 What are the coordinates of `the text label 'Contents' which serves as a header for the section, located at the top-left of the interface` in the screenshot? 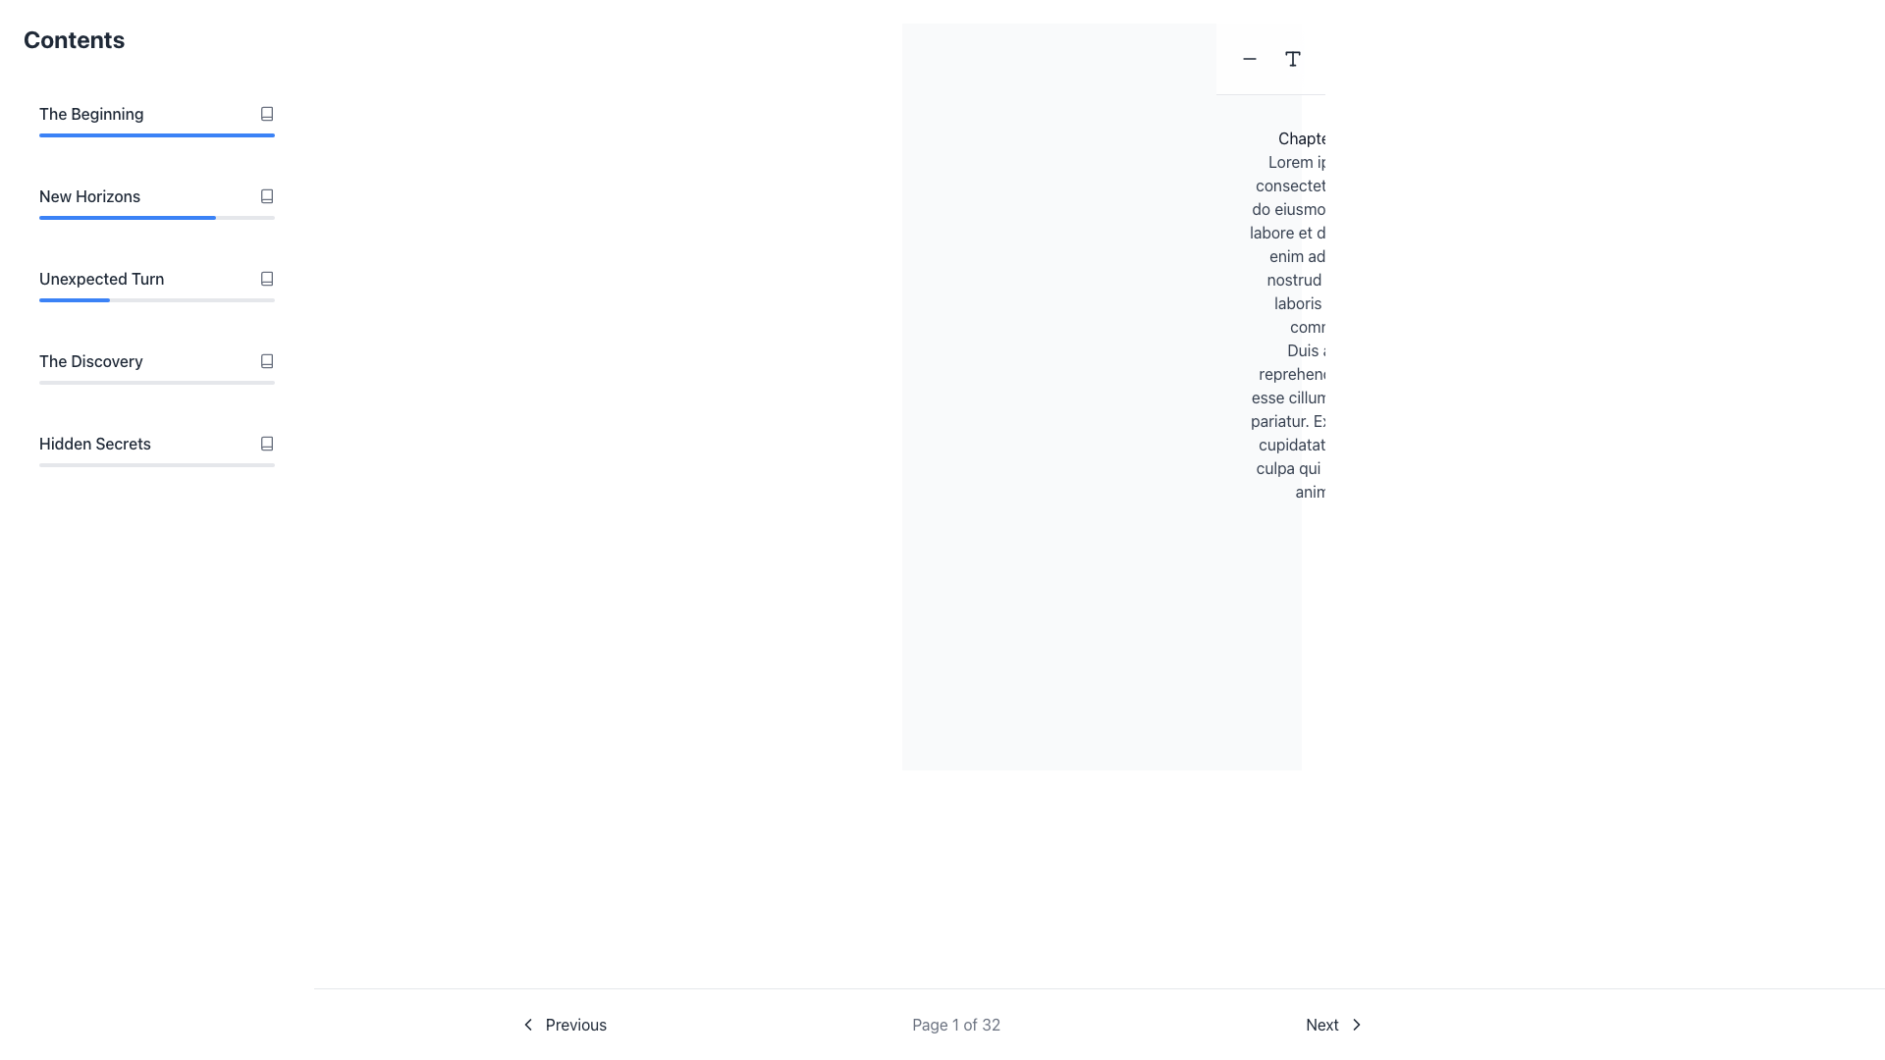 It's located at (74, 38).